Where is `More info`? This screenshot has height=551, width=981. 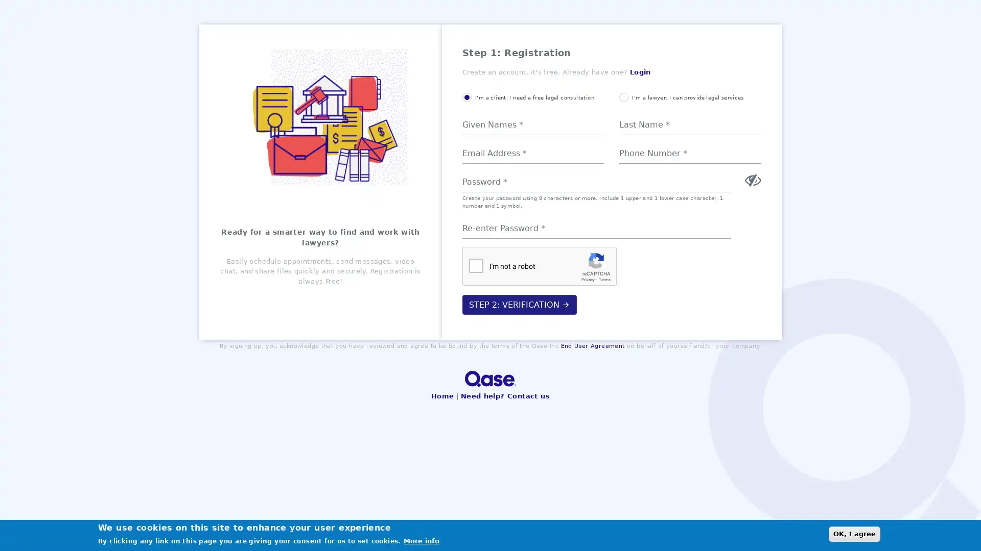
More info is located at coordinates (422, 540).